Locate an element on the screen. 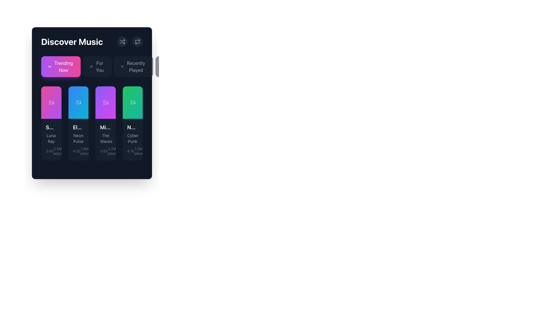 Image resolution: width=557 pixels, height=313 pixels. the 'Trending Now' button, which is a rectangular button with a gradient background from purple to pink, featuring white text and a small icon on the left side, located in the top left of the 'Discover Music' card is located at coordinates (61, 66).